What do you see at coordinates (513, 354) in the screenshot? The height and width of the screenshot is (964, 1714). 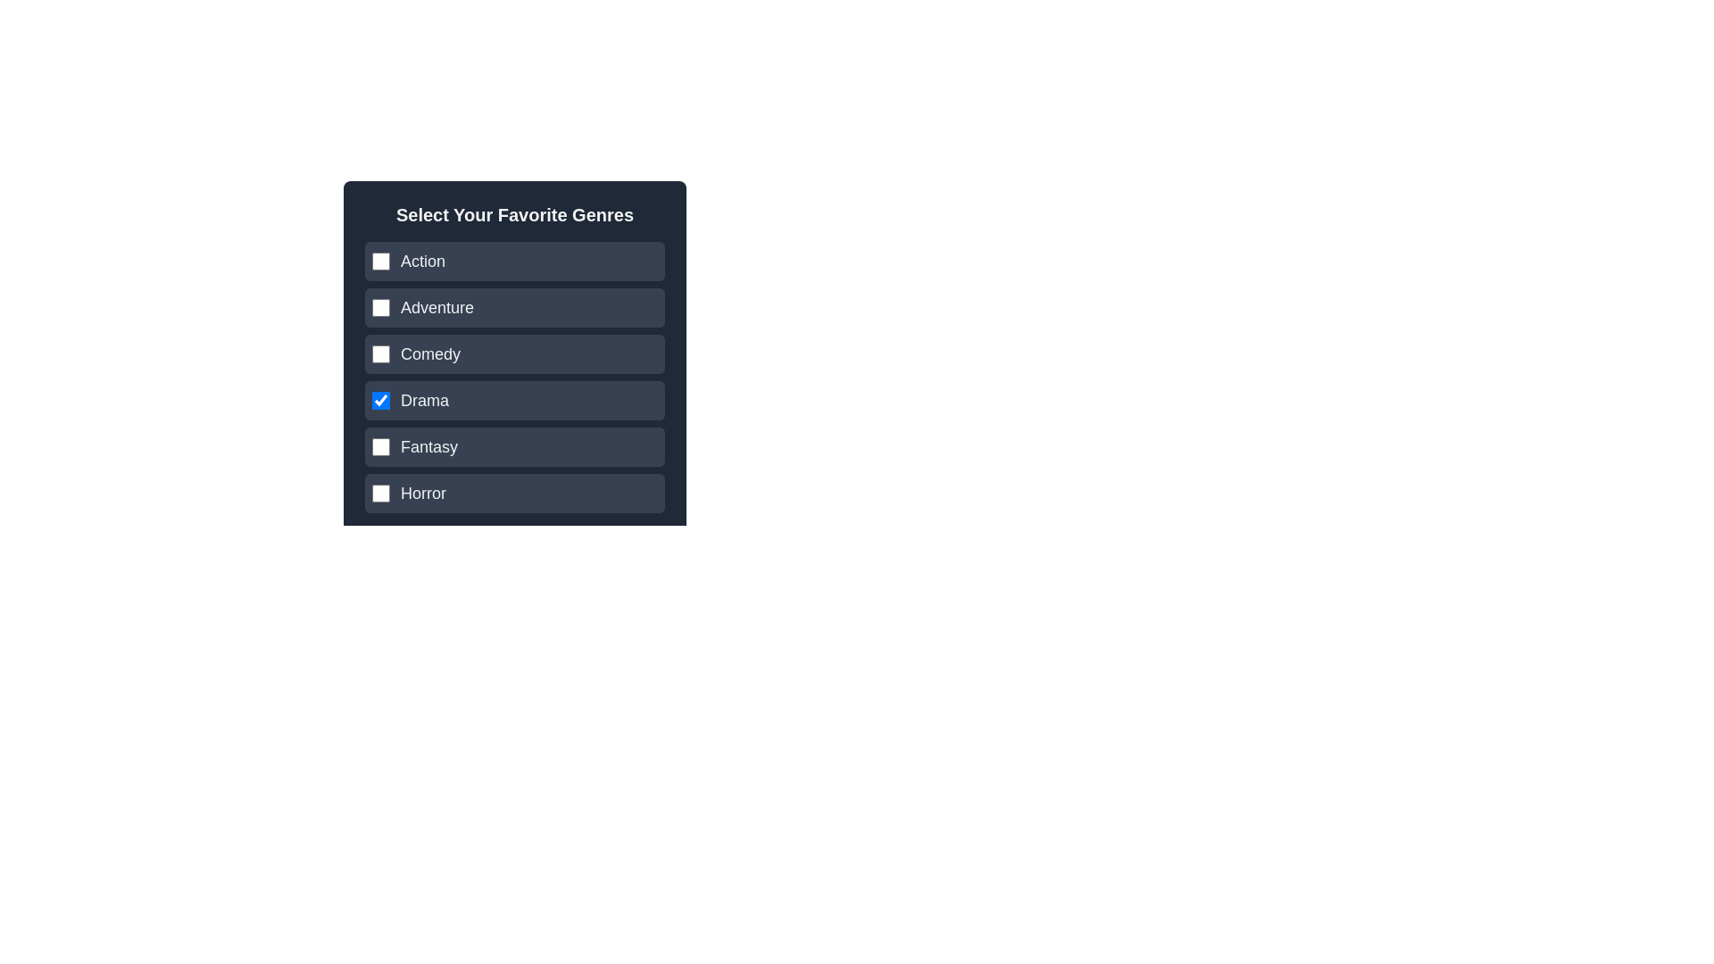 I see `the checkbox for 'Comedy' which is the third option under 'Select Your Favorite Genres'` at bounding box center [513, 354].